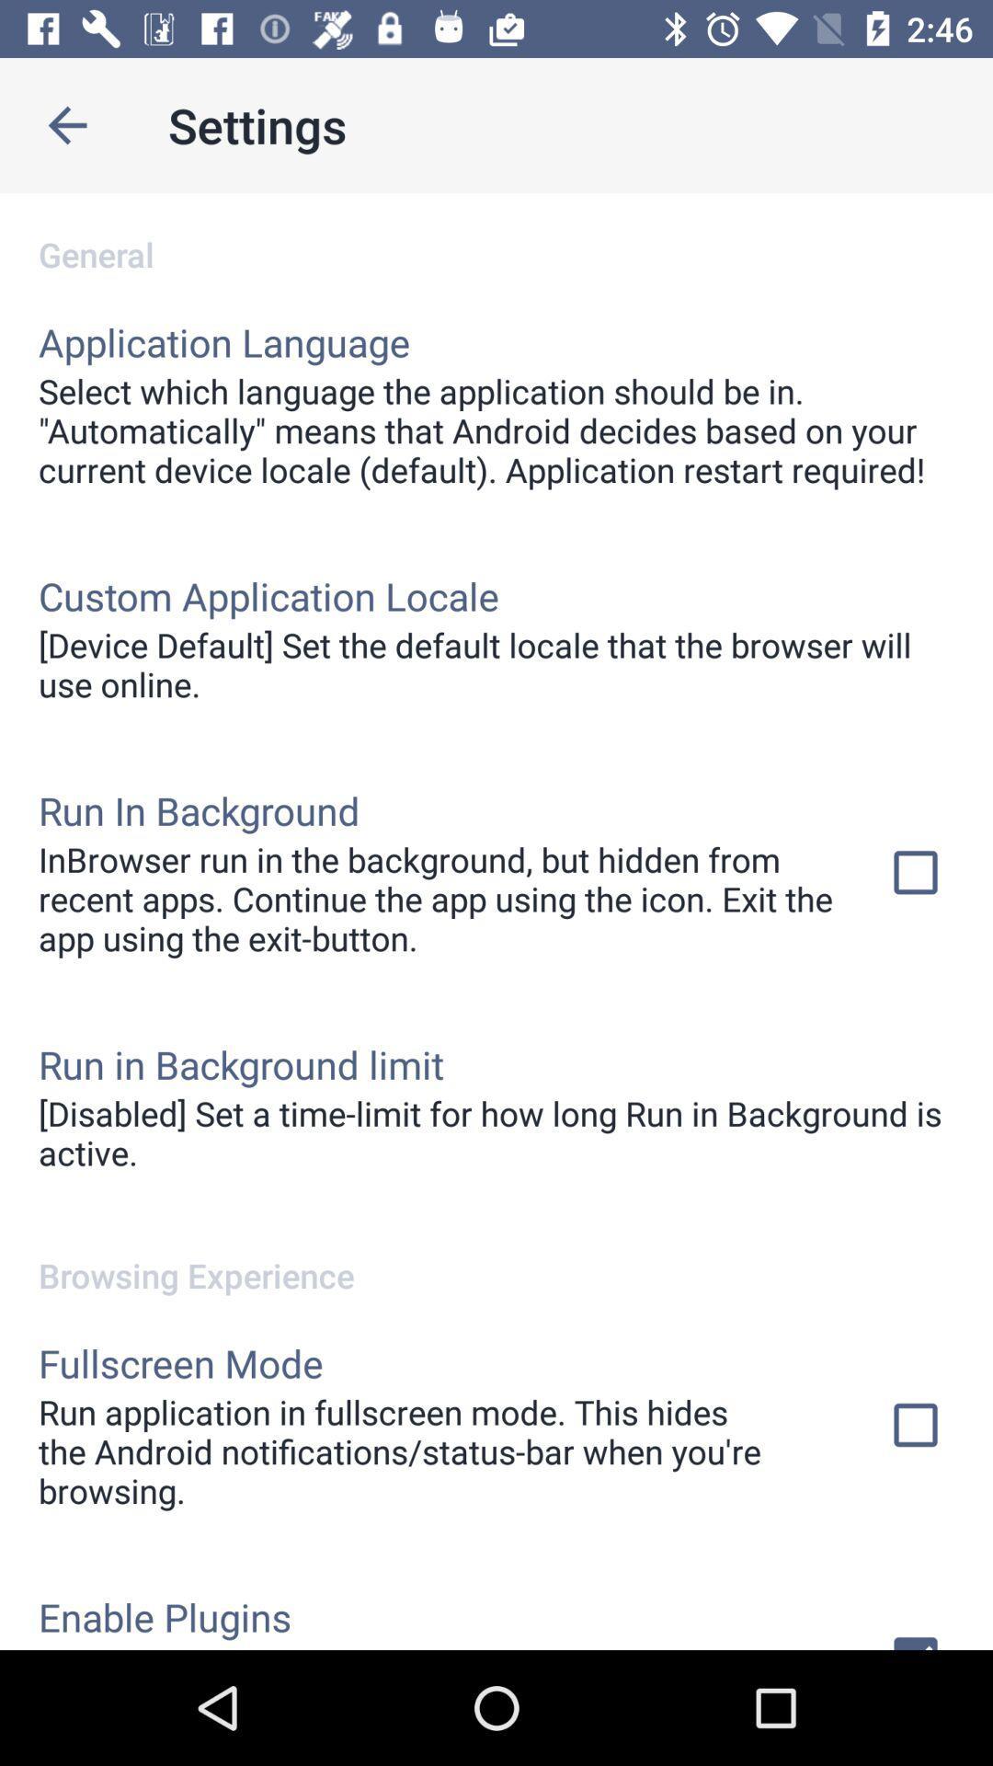 The width and height of the screenshot is (993, 1766). Describe the element at coordinates (66, 124) in the screenshot. I see `icon to the left of   settings app` at that location.